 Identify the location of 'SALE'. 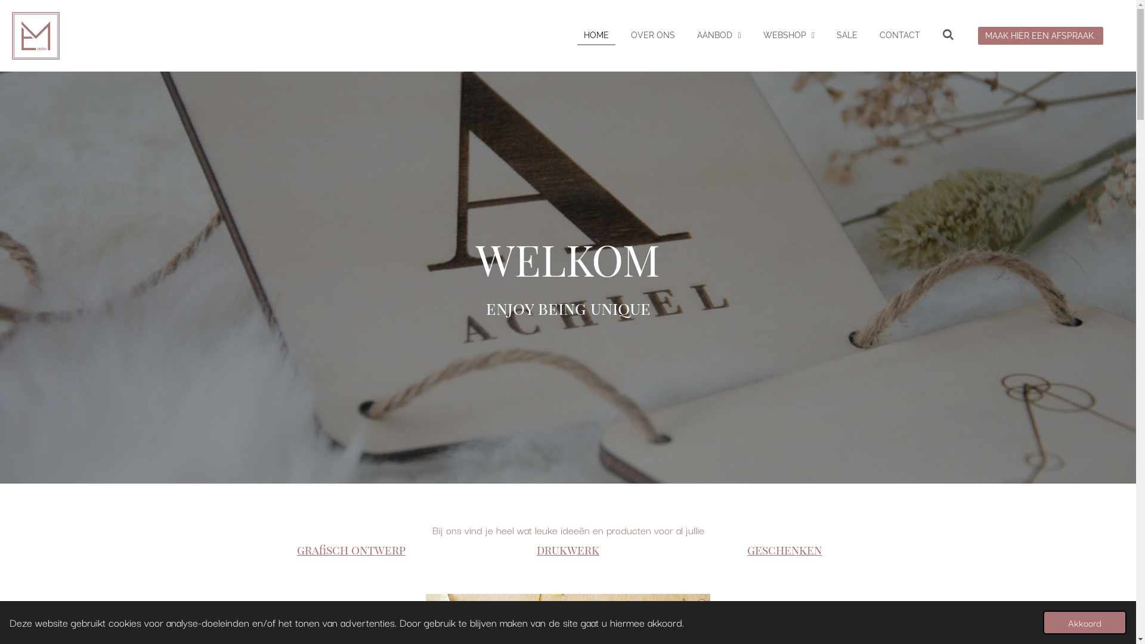
(846, 35).